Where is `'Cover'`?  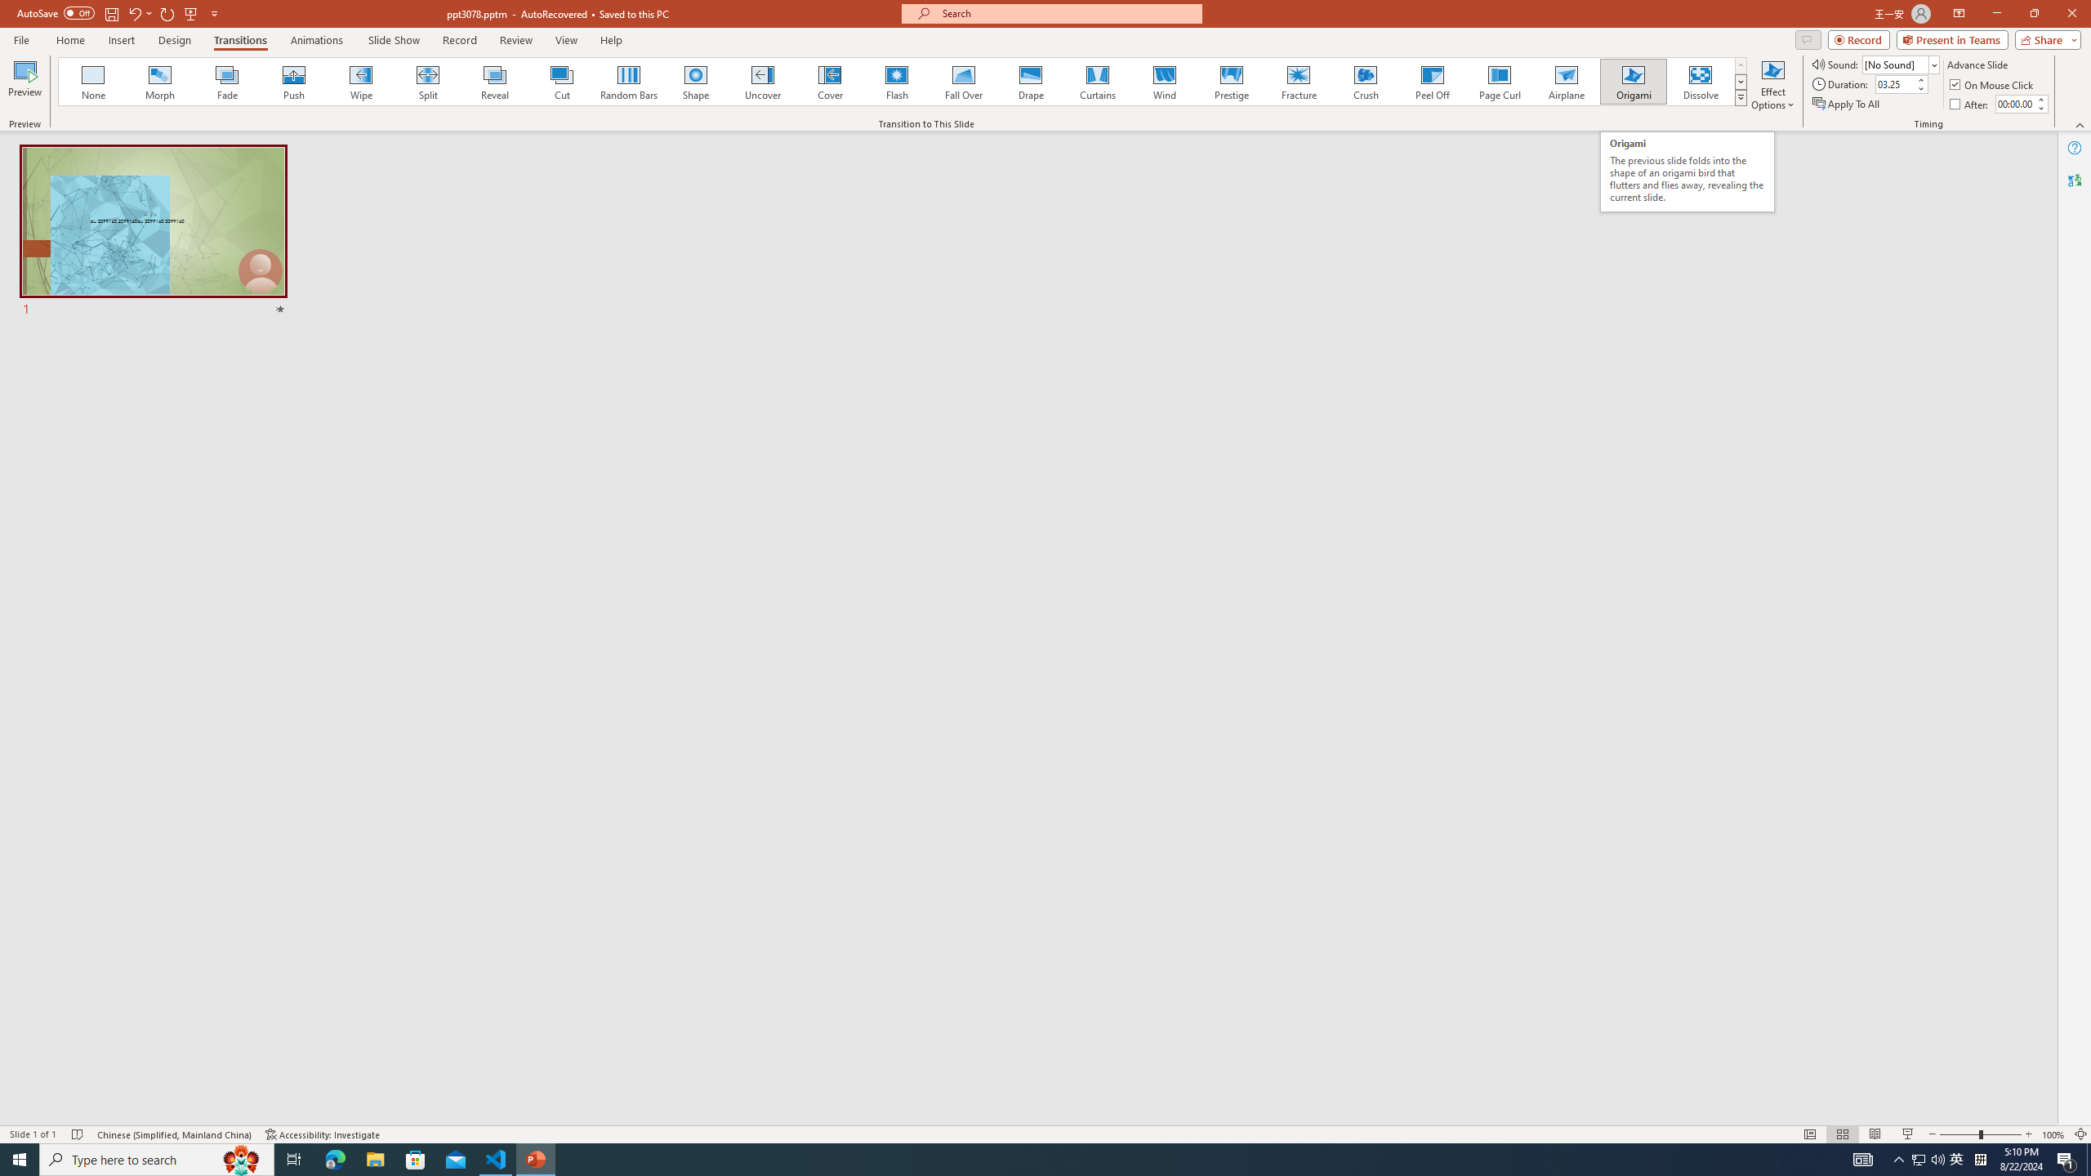
'Cover' is located at coordinates (829, 81).